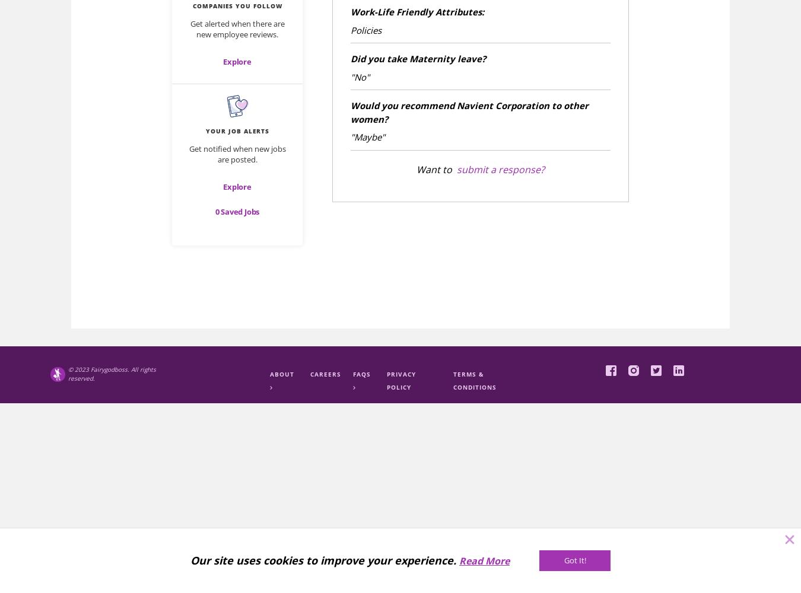  I want to click on '"Maybe"', so click(351, 136).